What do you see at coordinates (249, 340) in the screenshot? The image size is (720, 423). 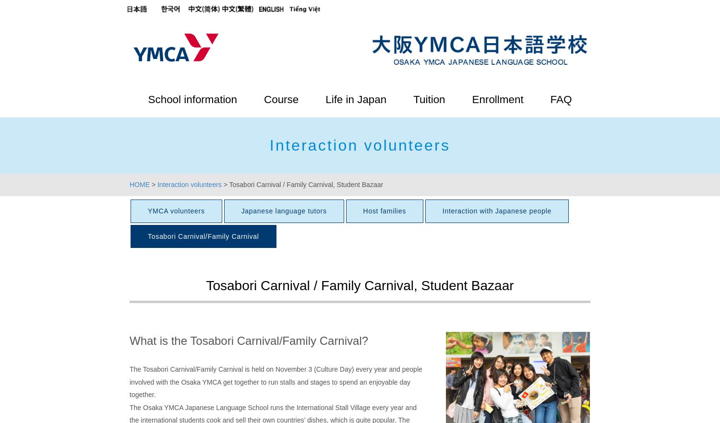 I see `'What is the Tosabori Carnival/Family Carnival?'` at bounding box center [249, 340].